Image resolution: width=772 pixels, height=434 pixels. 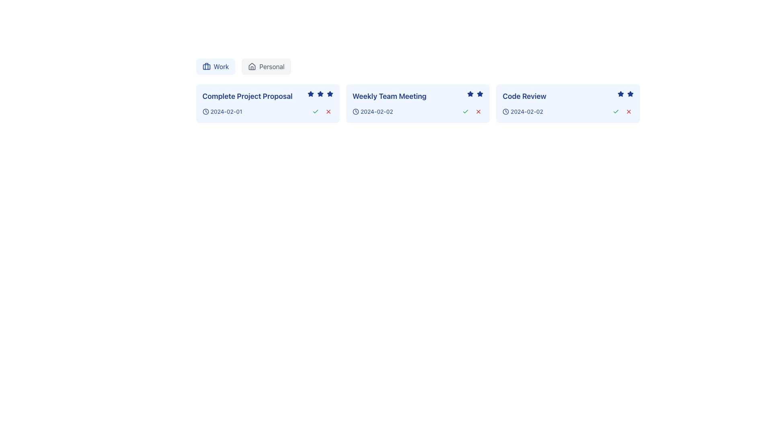 I want to click on the text label displaying the date '2024-02-01', which is a plain blue-colored text aligned with a clock icon on its left, located in the bottom-left section of the 'Complete Project Proposal' card, so click(x=226, y=111).